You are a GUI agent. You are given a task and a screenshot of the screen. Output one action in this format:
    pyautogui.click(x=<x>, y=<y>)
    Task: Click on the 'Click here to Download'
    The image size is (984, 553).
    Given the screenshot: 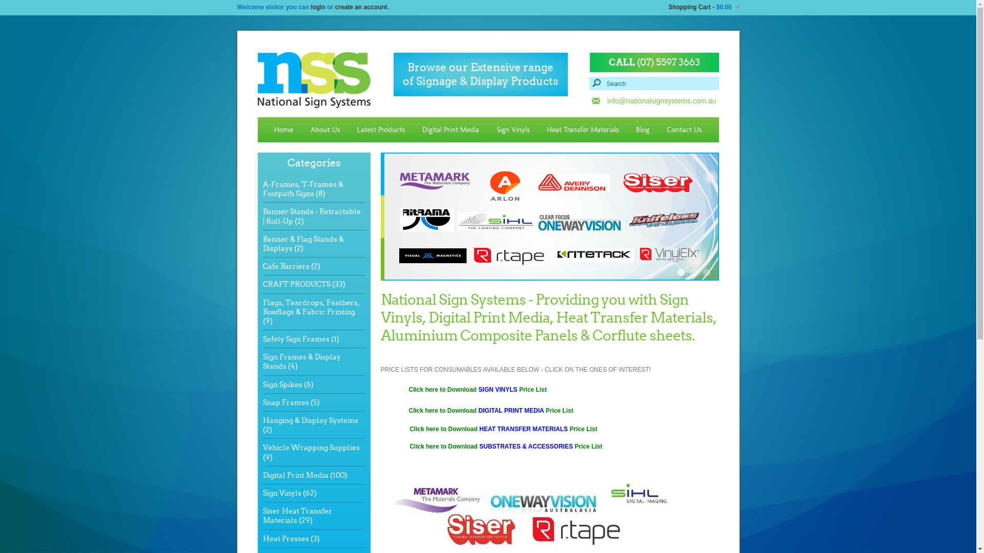 What is the action you would take?
    pyautogui.click(x=443, y=389)
    